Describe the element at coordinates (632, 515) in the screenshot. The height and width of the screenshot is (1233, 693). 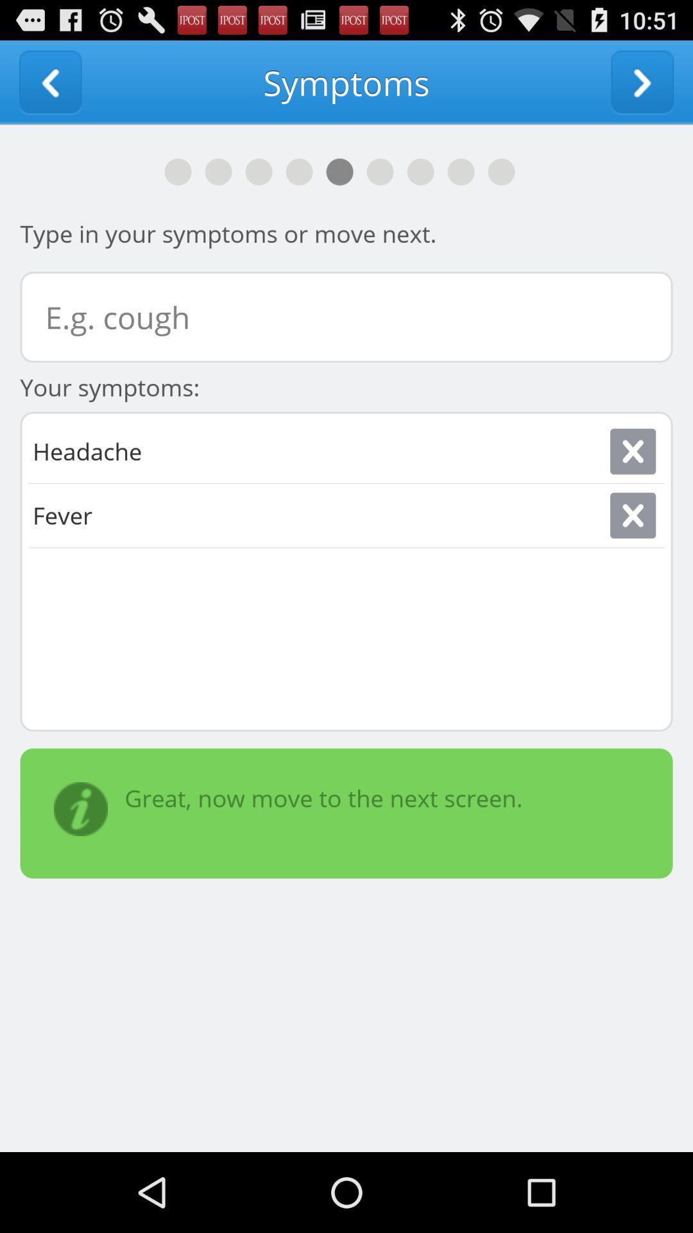
I see `close` at that location.